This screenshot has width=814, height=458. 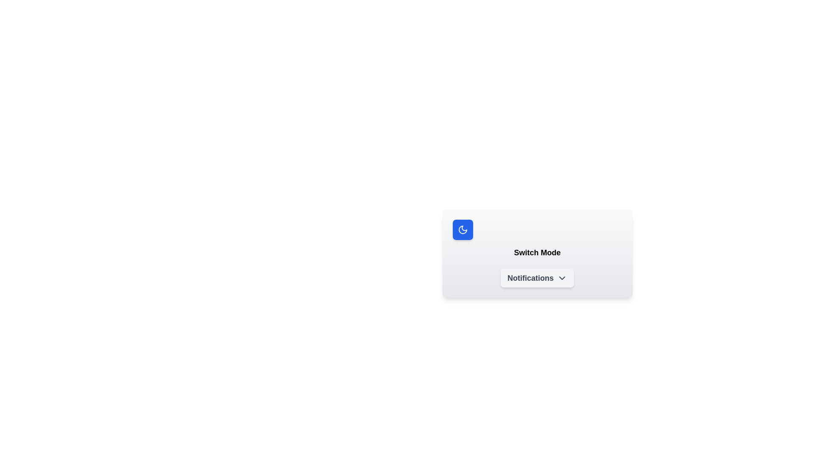 I want to click on the toggle button for night mode/day mode, which is represented by a moon icon, so click(x=462, y=230).